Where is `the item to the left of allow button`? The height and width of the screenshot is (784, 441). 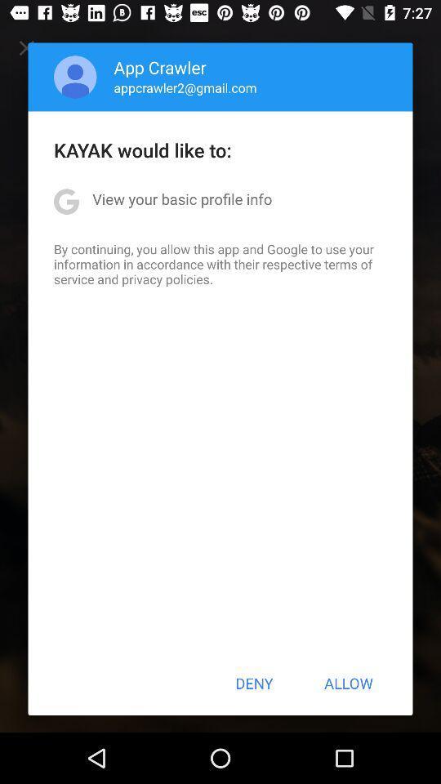 the item to the left of allow button is located at coordinates (254, 683).